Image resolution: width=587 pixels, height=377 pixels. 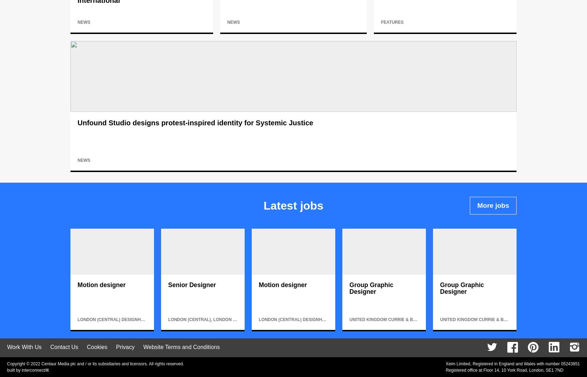 I want to click on 'Copyright © 2022 Centaur Media plc and / or its subsidiaries and licensors. All rights reserved.', so click(x=95, y=364).